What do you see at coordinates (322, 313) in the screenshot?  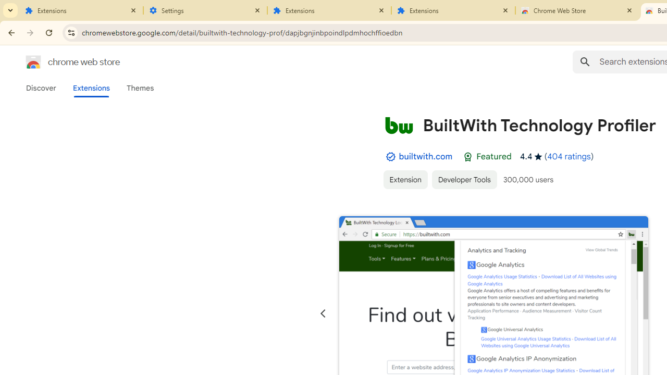 I see `'Previous slide'` at bounding box center [322, 313].